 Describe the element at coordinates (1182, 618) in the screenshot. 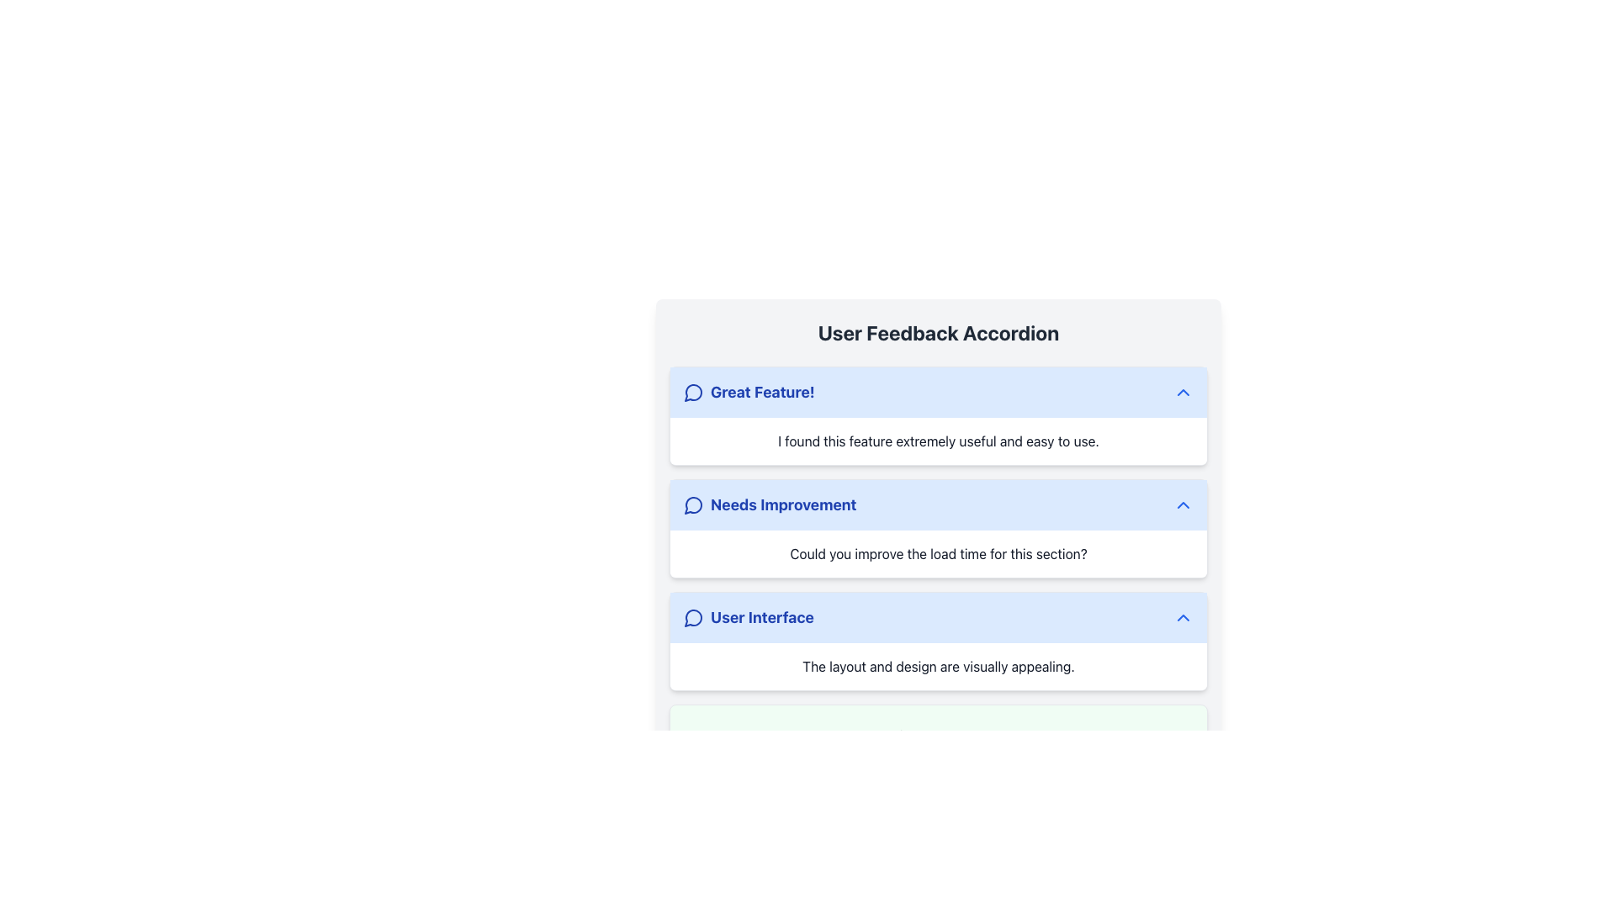

I see `the icon located on the right edge of the 'User Interface' section header to toggle the visibility of additional content` at that location.